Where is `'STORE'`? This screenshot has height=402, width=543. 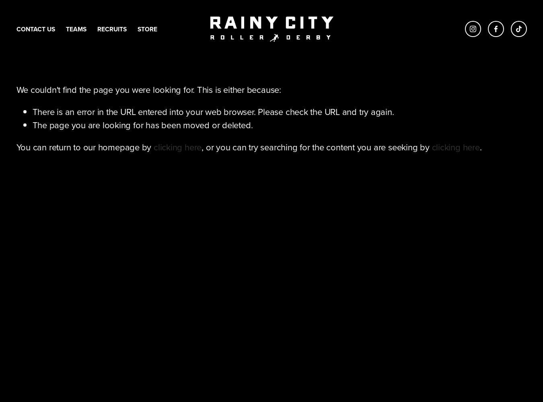 'STORE' is located at coordinates (147, 28).